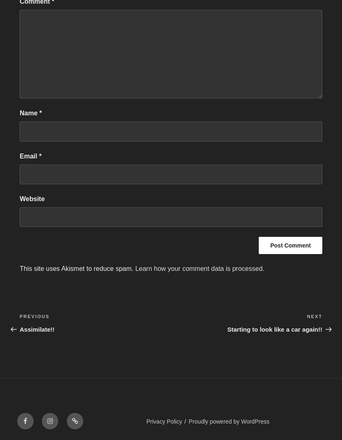  I want to click on 'This site uses Akismet to reduce spam.', so click(20, 268).